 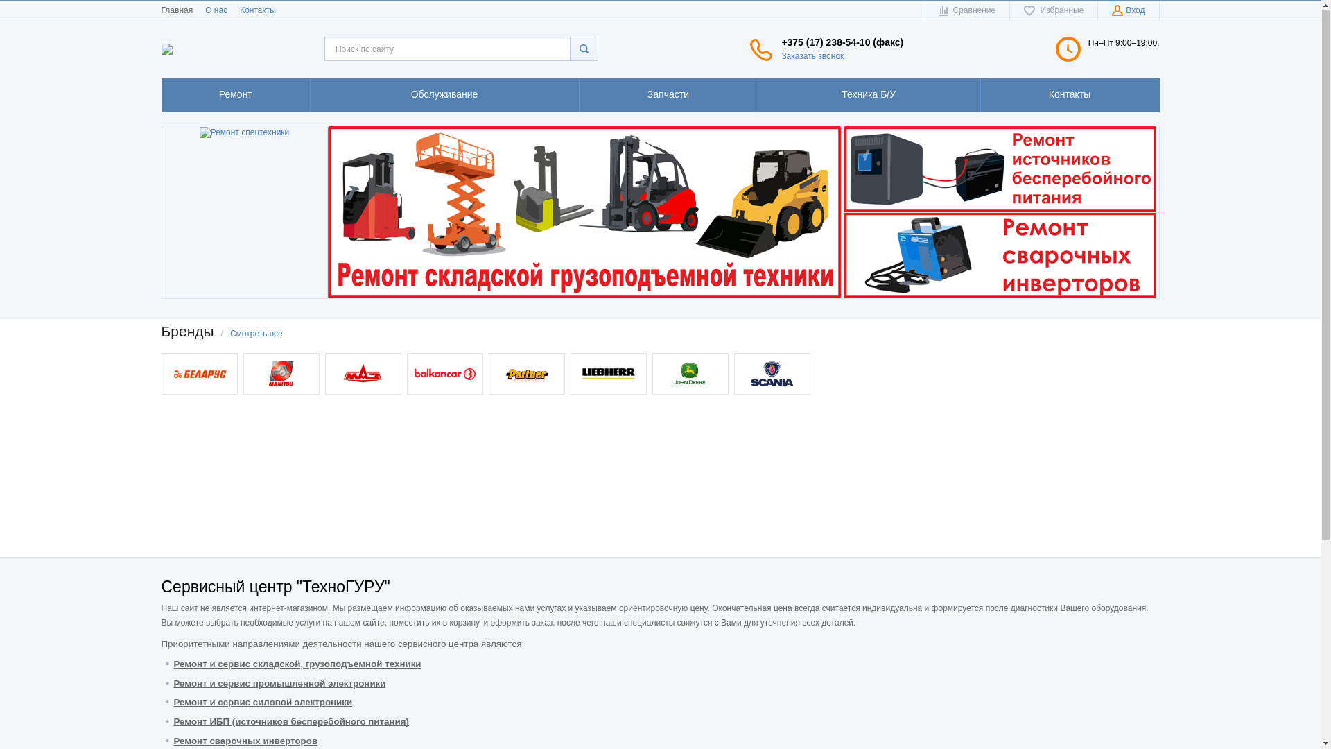 What do you see at coordinates (445, 374) in the screenshot?
I see `'Balcancar'` at bounding box center [445, 374].